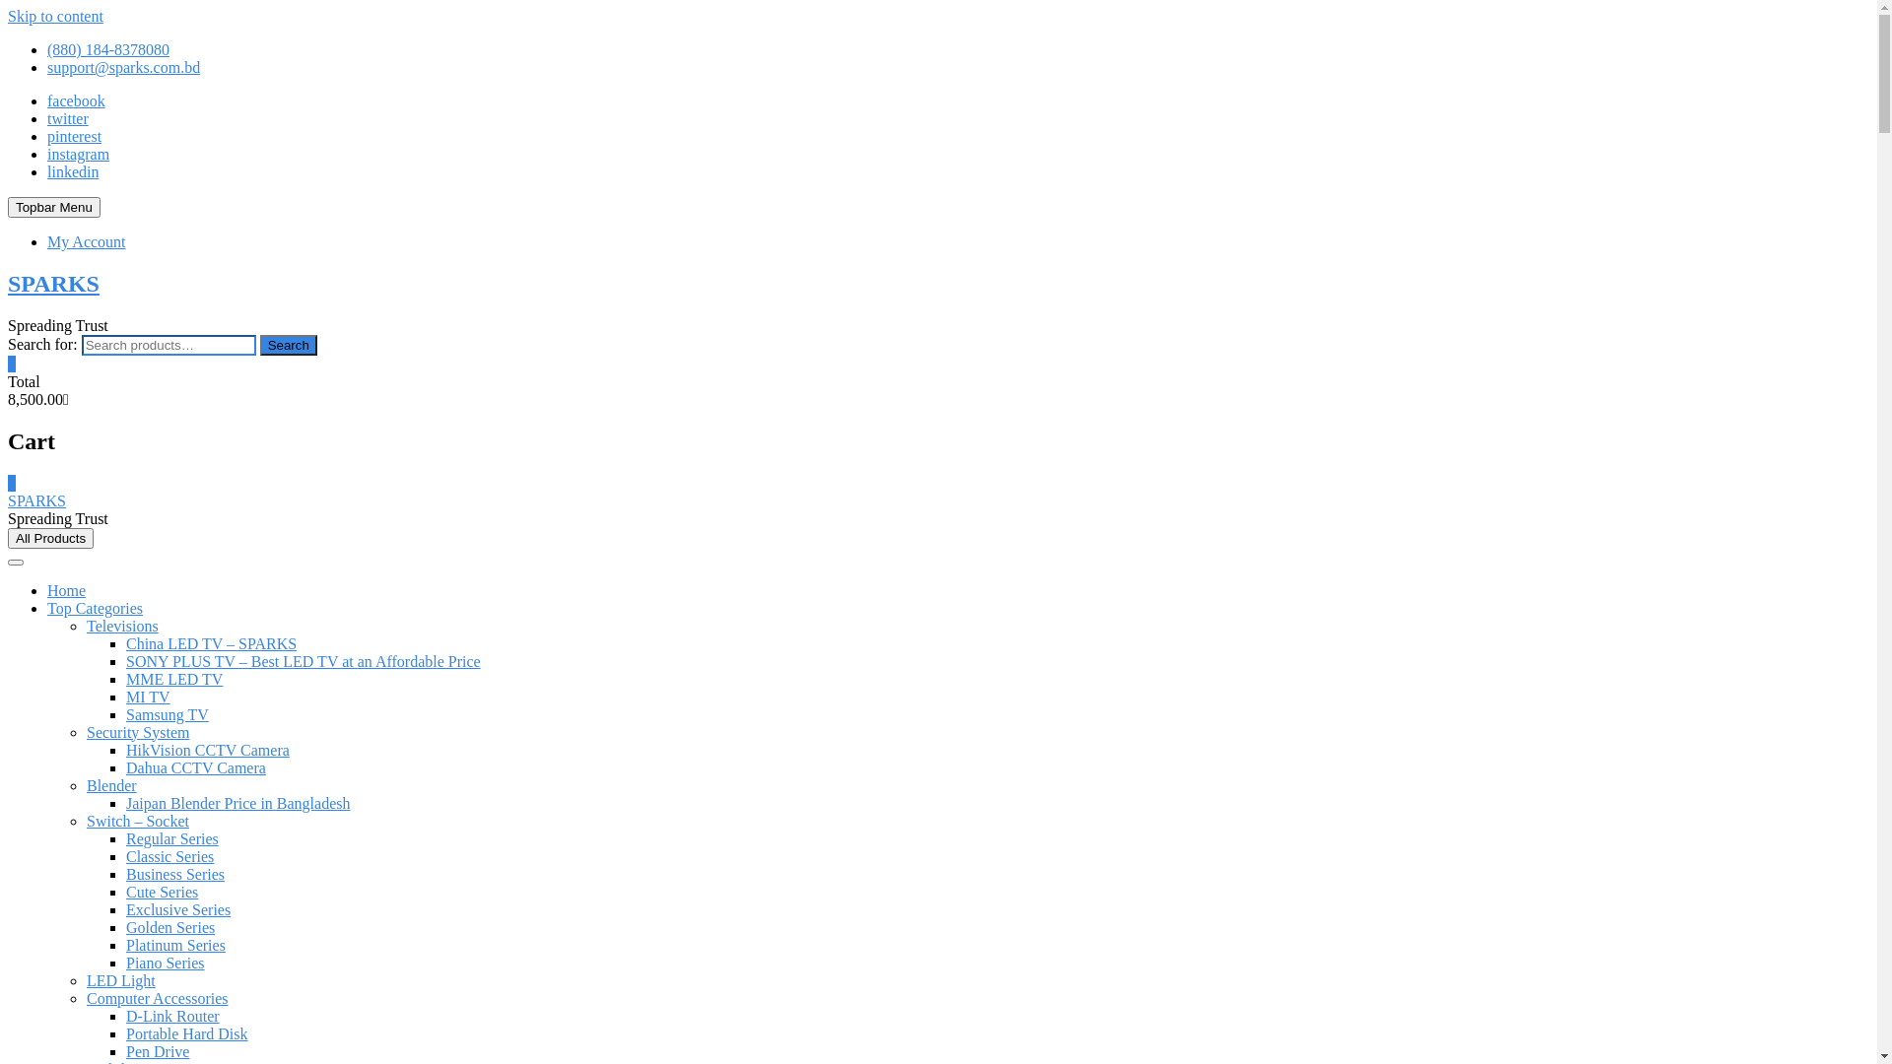  What do you see at coordinates (12, 483) in the screenshot?
I see `'0'` at bounding box center [12, 483].